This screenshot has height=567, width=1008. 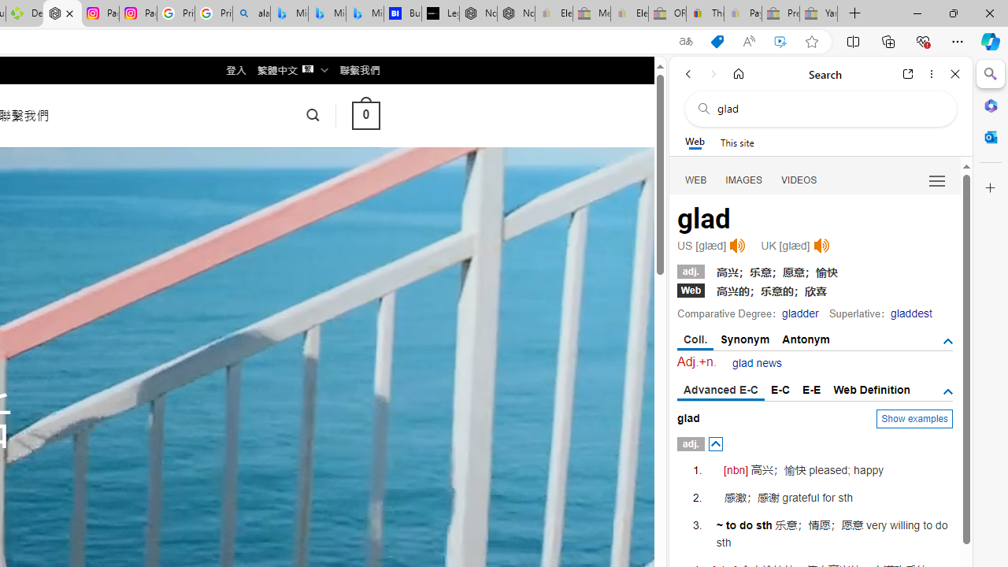 I want to click on 'Advanced E-C', so click(x=720, y=390).